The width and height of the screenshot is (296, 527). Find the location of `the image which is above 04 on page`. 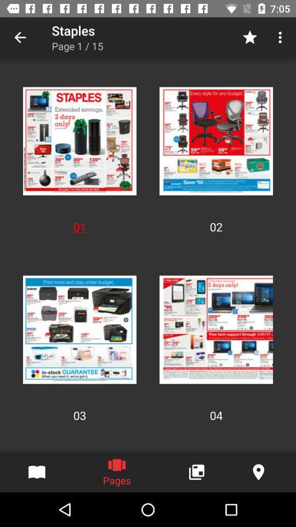

the image which is above 04 on page is located at coordinates (216, 329).